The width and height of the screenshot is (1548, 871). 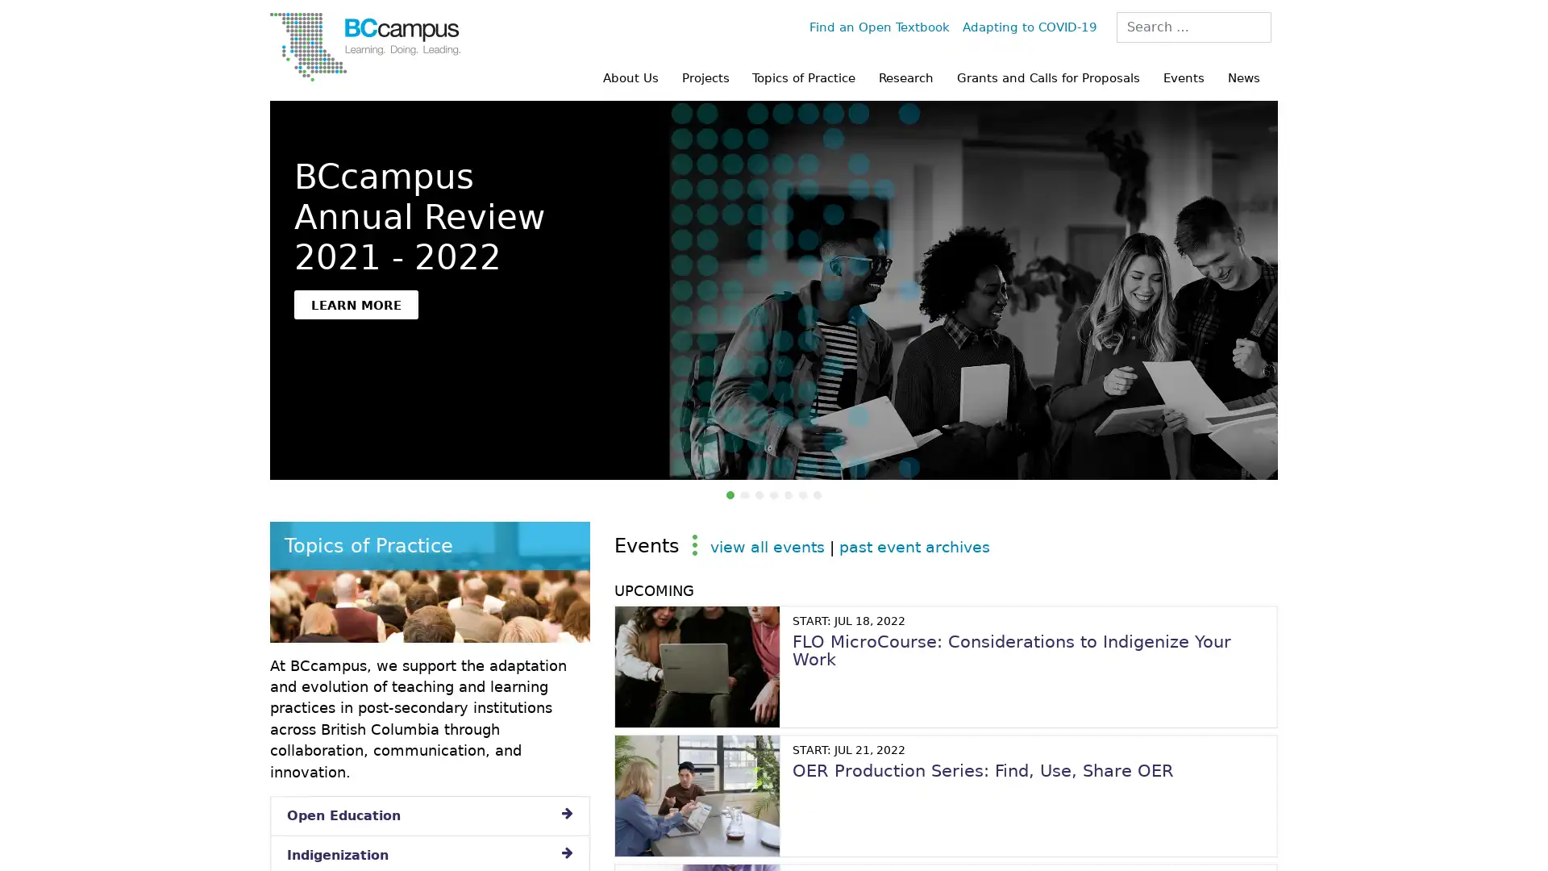 What do you see at coordinates (803, 494) in the screenshot?
I see `Capacity to Connect` at bounding box center [803, 494].